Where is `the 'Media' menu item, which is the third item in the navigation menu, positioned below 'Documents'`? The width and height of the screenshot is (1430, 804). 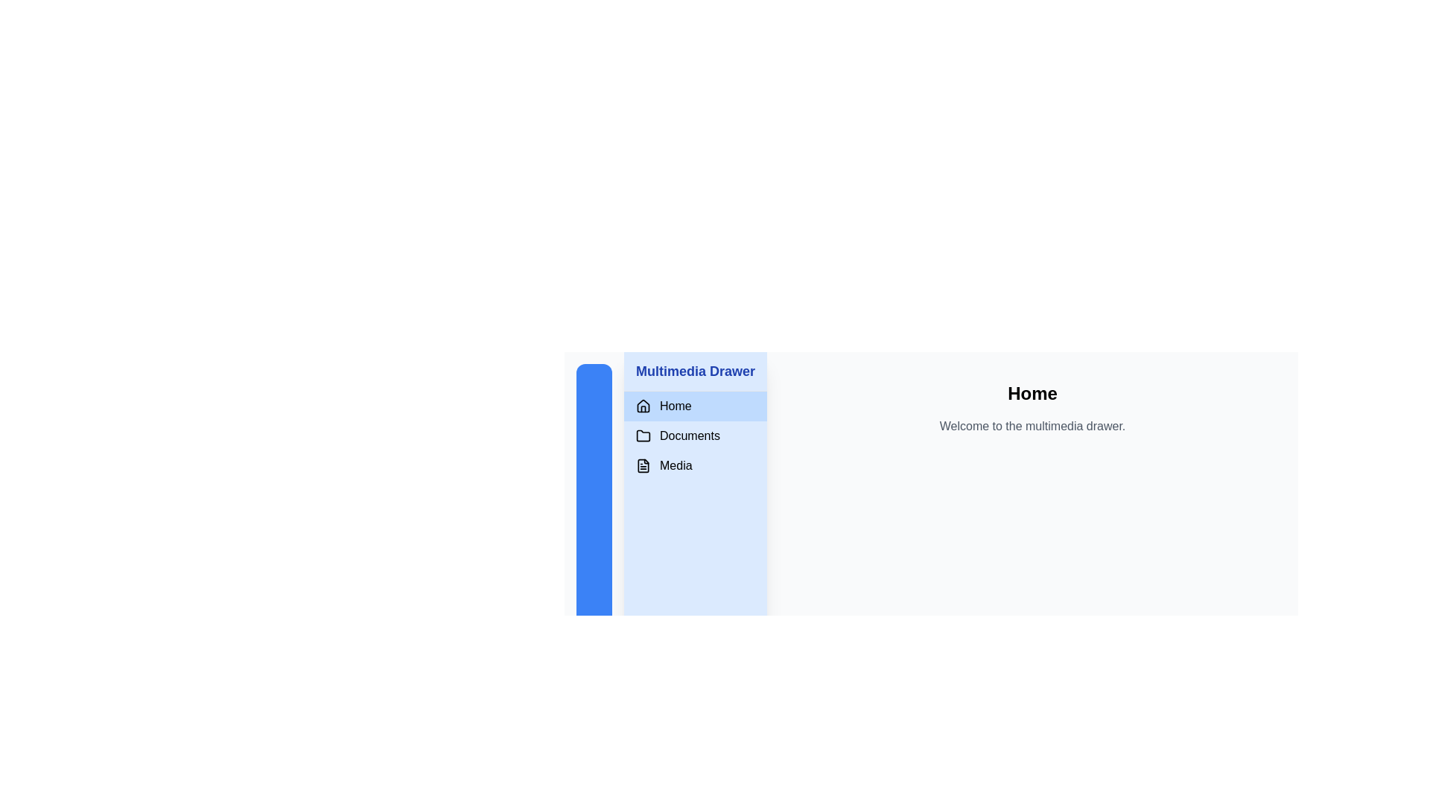 the 'Media' menu item, which is the third item in the navigation menu, positioned below 'Documents' is located at coordinates (675, 465).